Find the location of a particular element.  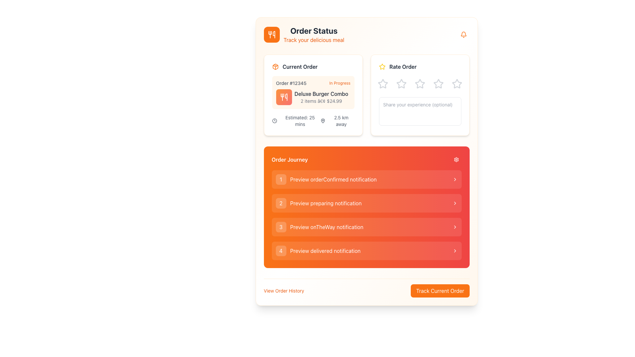

the Icon button with a rounded square shape and an orange background, featuring a white utensils icon, located near the top left of the interface is located at coordinates (272, 34).